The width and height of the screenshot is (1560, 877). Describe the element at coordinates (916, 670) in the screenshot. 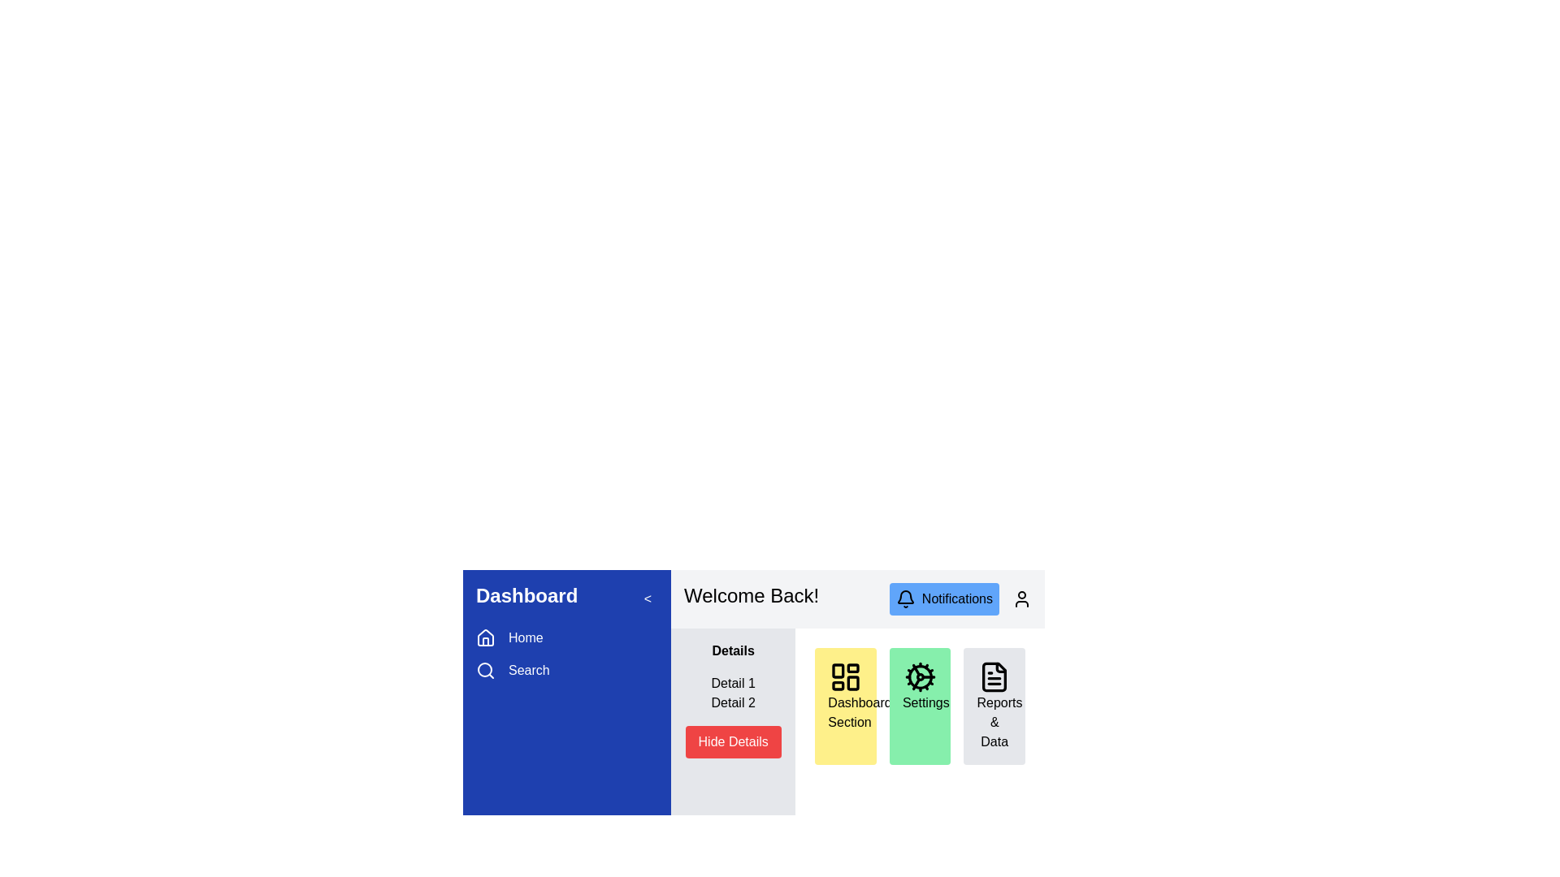

I see `the small graphical line element within the settings gear icon, which is part of the cog gear visual representation` at that location.